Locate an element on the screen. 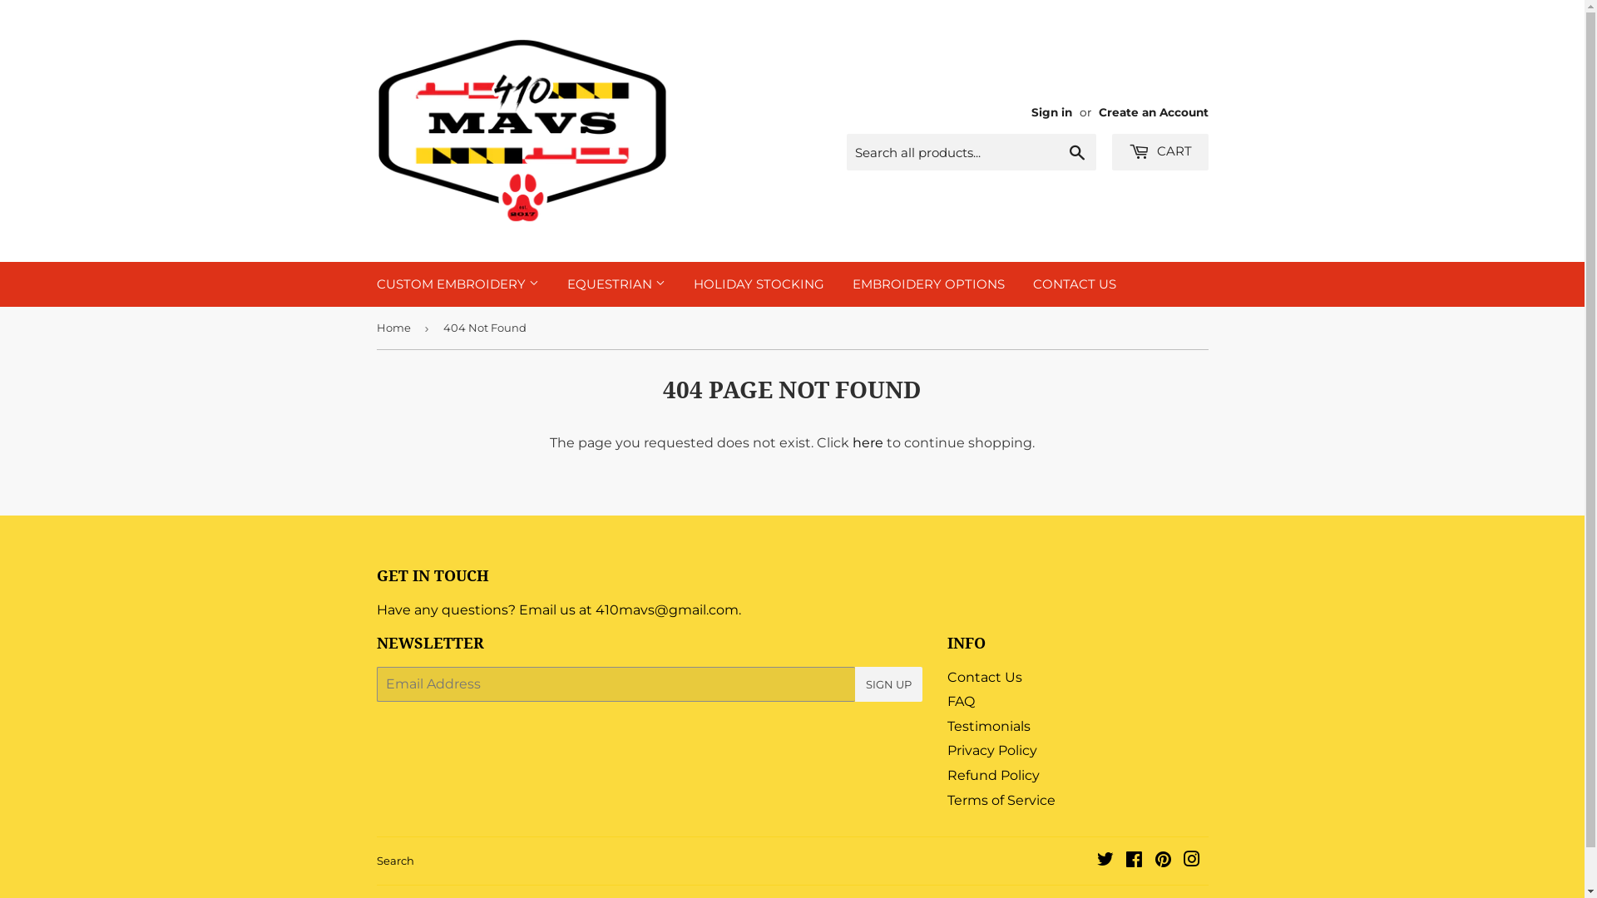 This screenshot has height=898, width=1597. 'Instagram' is located at coordinates (1181, 861).